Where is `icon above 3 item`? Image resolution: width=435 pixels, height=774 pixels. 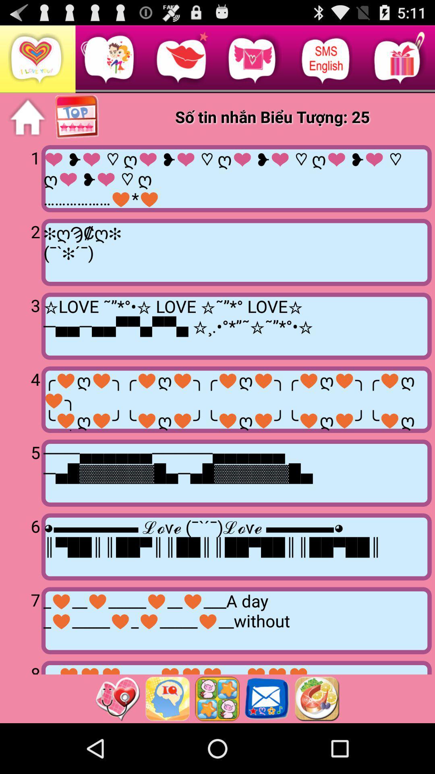 icon above 3 item is located at coordinates (22, 251).